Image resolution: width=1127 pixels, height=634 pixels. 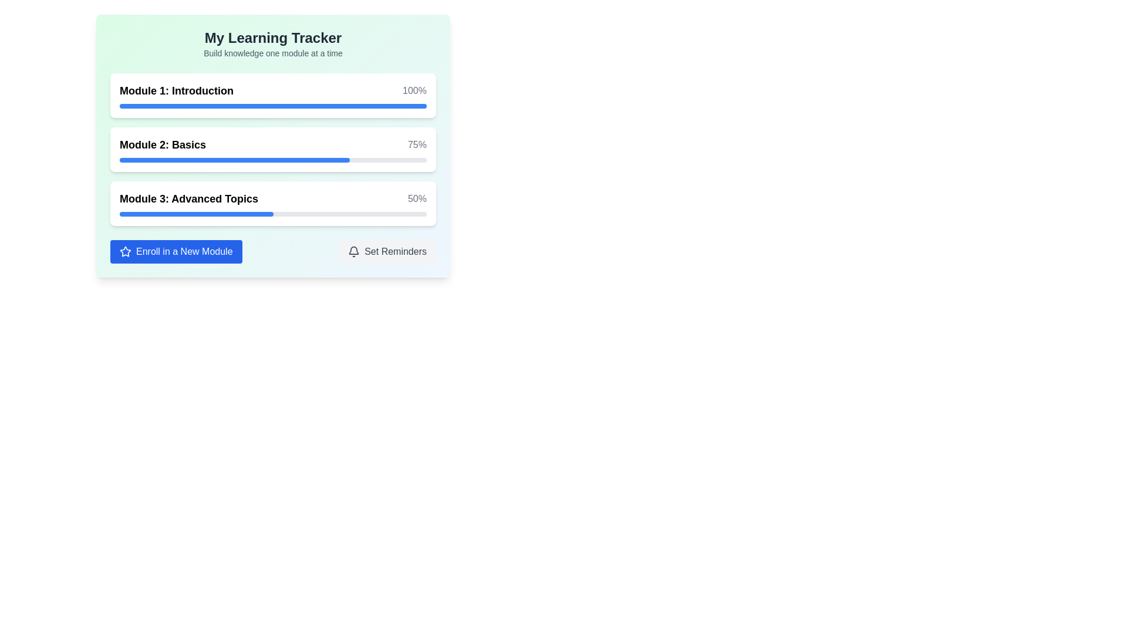 What do you see at coordinates (126, 251) in the screenshot?
I see `the blue star-shaped icon with a white outline located inside the 'Enroll in a New Module' button on the lower left corner of the interface` at bounding box center [126, 251].